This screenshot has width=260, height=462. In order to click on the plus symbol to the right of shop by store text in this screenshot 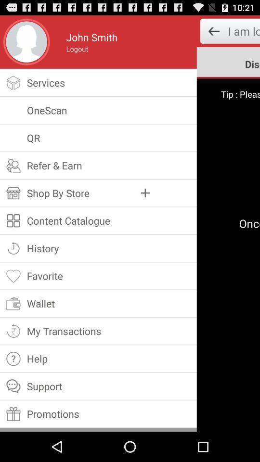, I will do `click(145, 192)`.